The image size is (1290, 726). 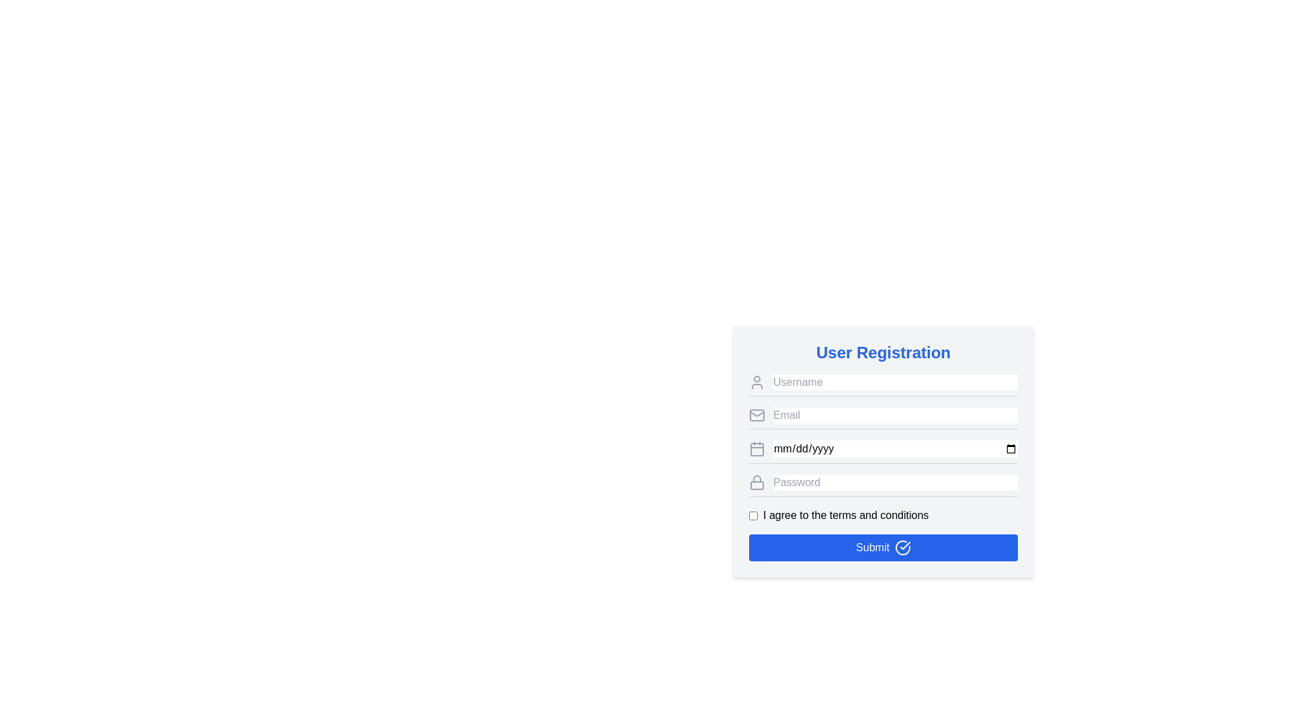 What do you see at coordinates (753, 515) in the screenshot?
I see `the checkbox that allows users to express consent to the terms and conditions, located to the left of the text 'I agree to the terms and conditions'` at bounding box center [753, 515].